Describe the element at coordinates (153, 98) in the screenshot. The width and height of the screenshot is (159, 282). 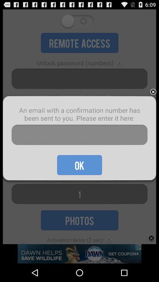
I see `the close icon` at that location.